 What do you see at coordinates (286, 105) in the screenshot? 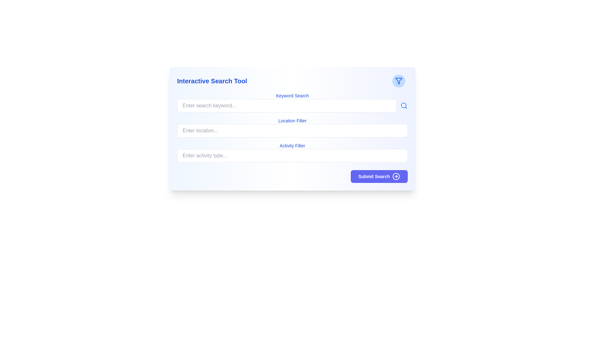
I see `the search input field labeled 'Keyword Search' in the 'Interactive Search Tool' interface to potentially highlight or show focus effects` at bounding box center [286, 105].